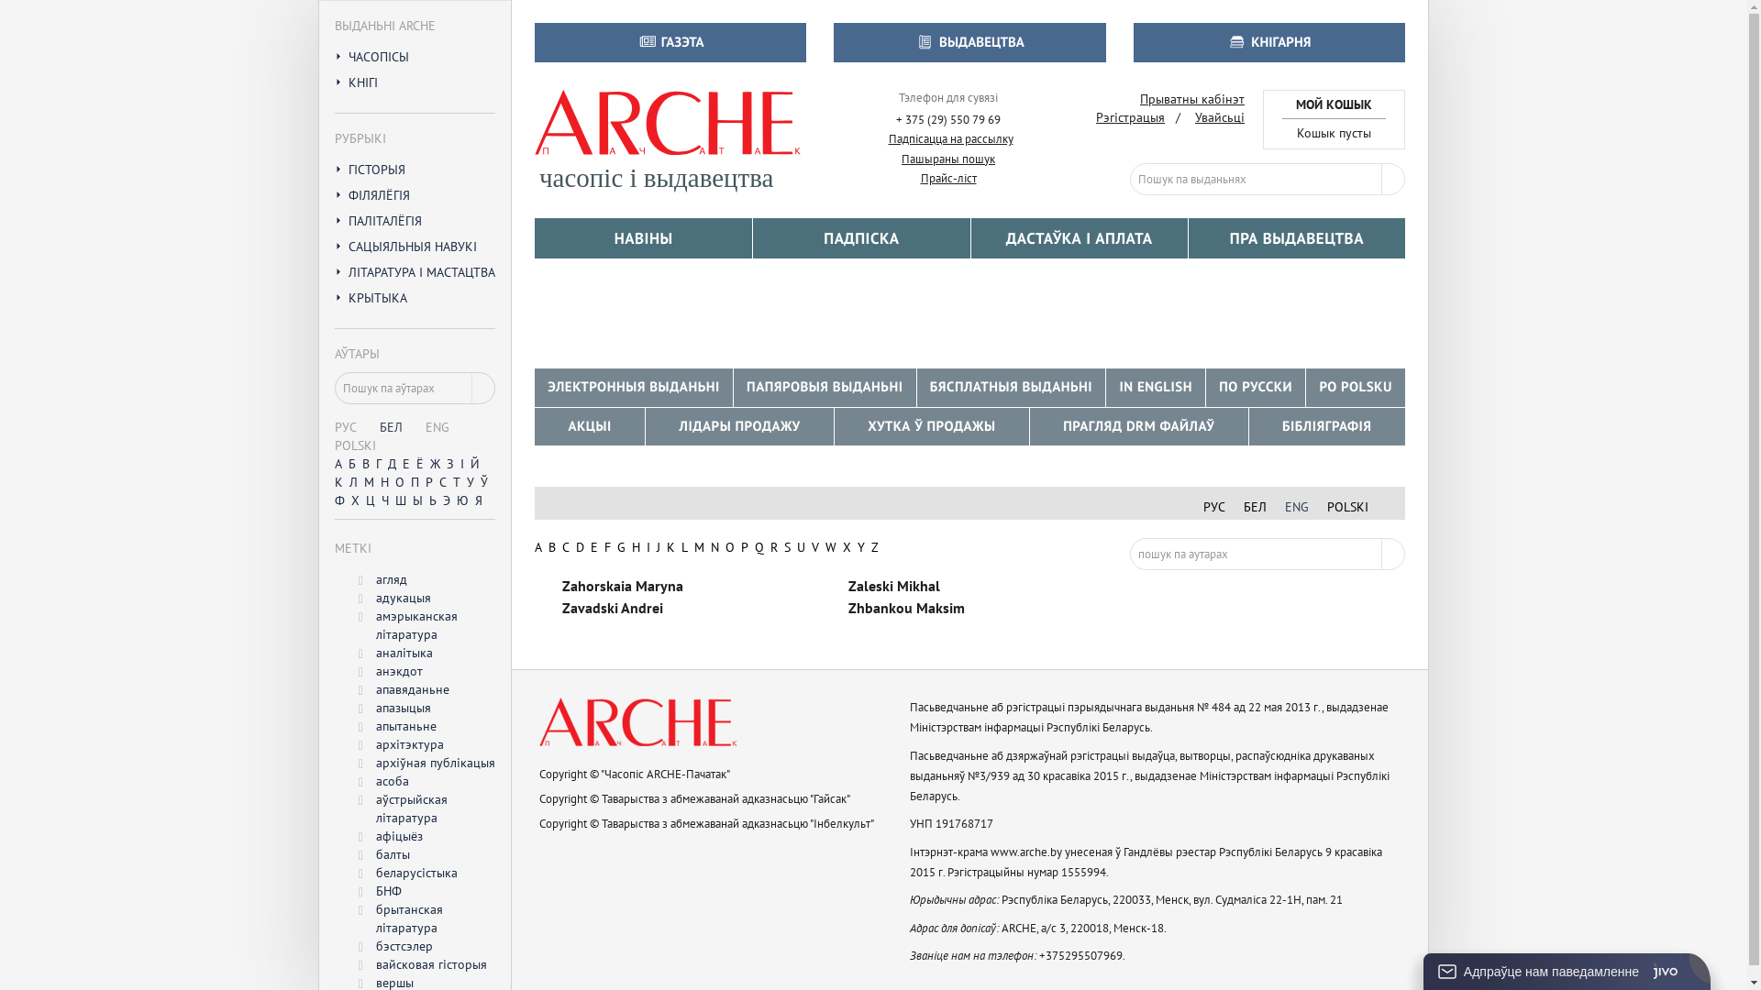 This screenshot has width=1761, height=990. Describe the element at coordinates (537, 546) in the screenshot. I see `'A'` at that location.